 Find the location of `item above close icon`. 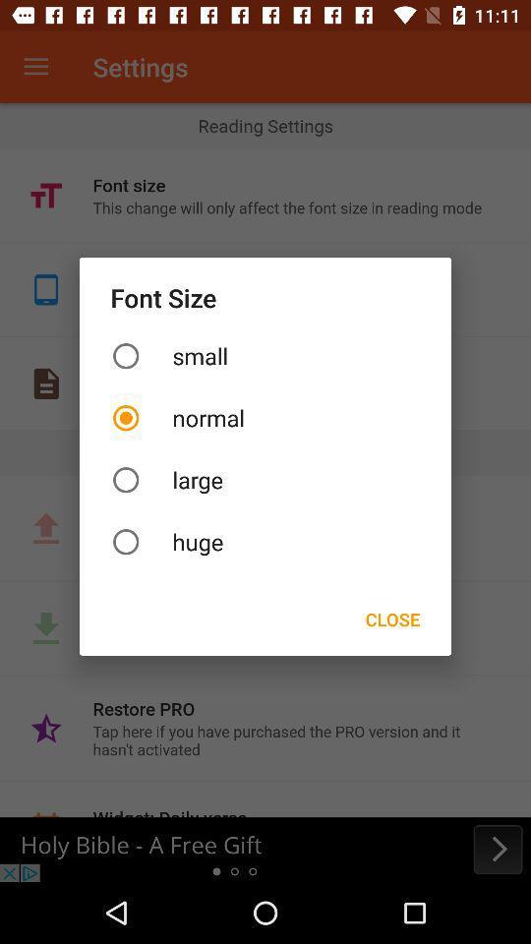

item above close icon is located at coordinates (265, 542).